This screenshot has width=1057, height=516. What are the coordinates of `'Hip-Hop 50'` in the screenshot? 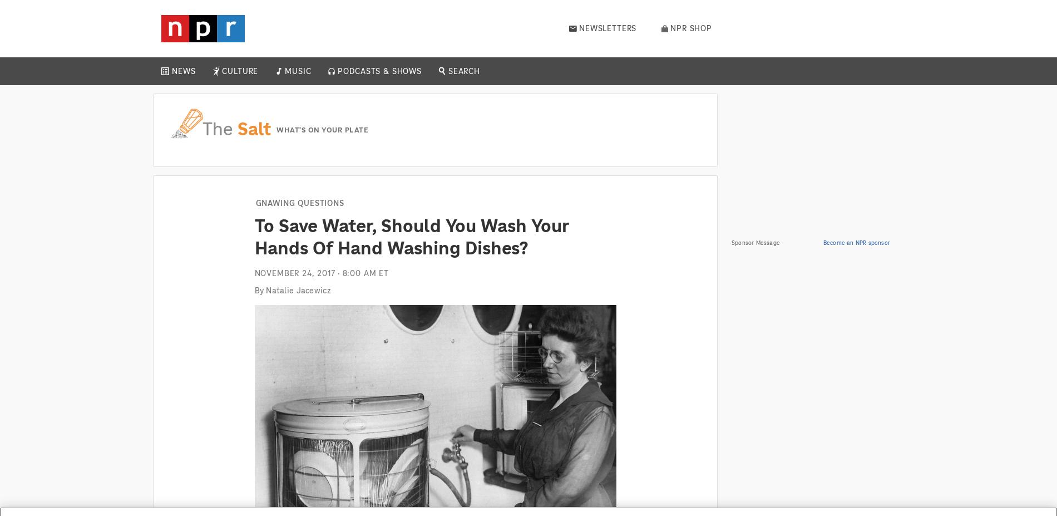 It's located at (290, 106).